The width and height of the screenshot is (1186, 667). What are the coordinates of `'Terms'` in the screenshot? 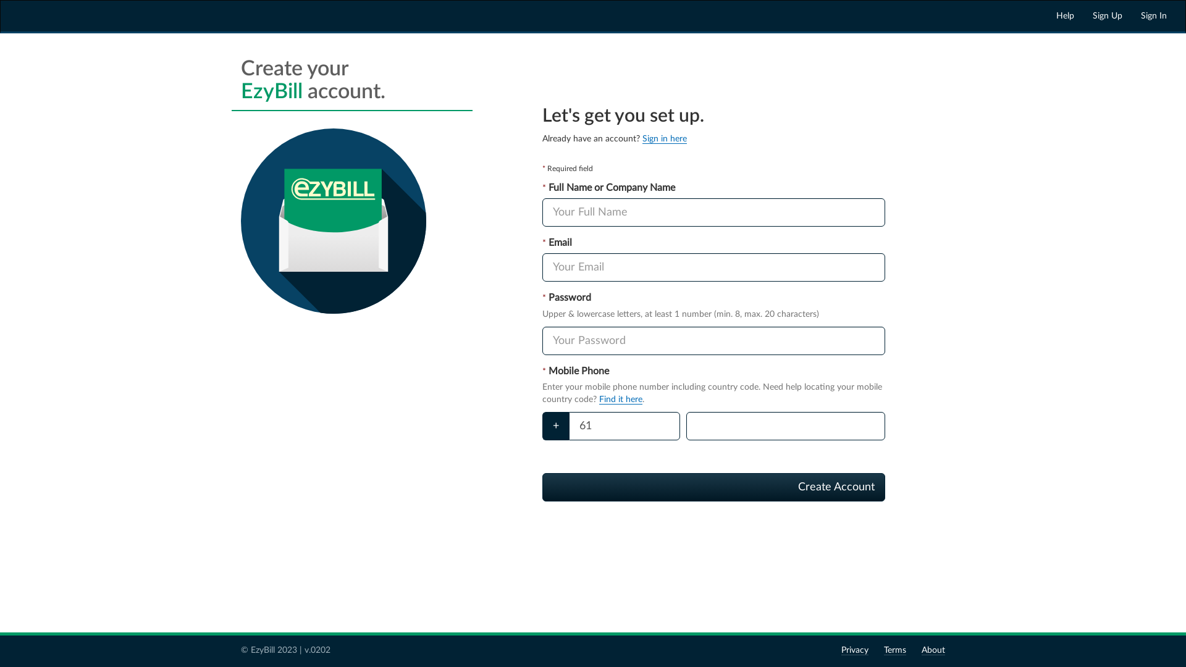 It's located at (895, 650).